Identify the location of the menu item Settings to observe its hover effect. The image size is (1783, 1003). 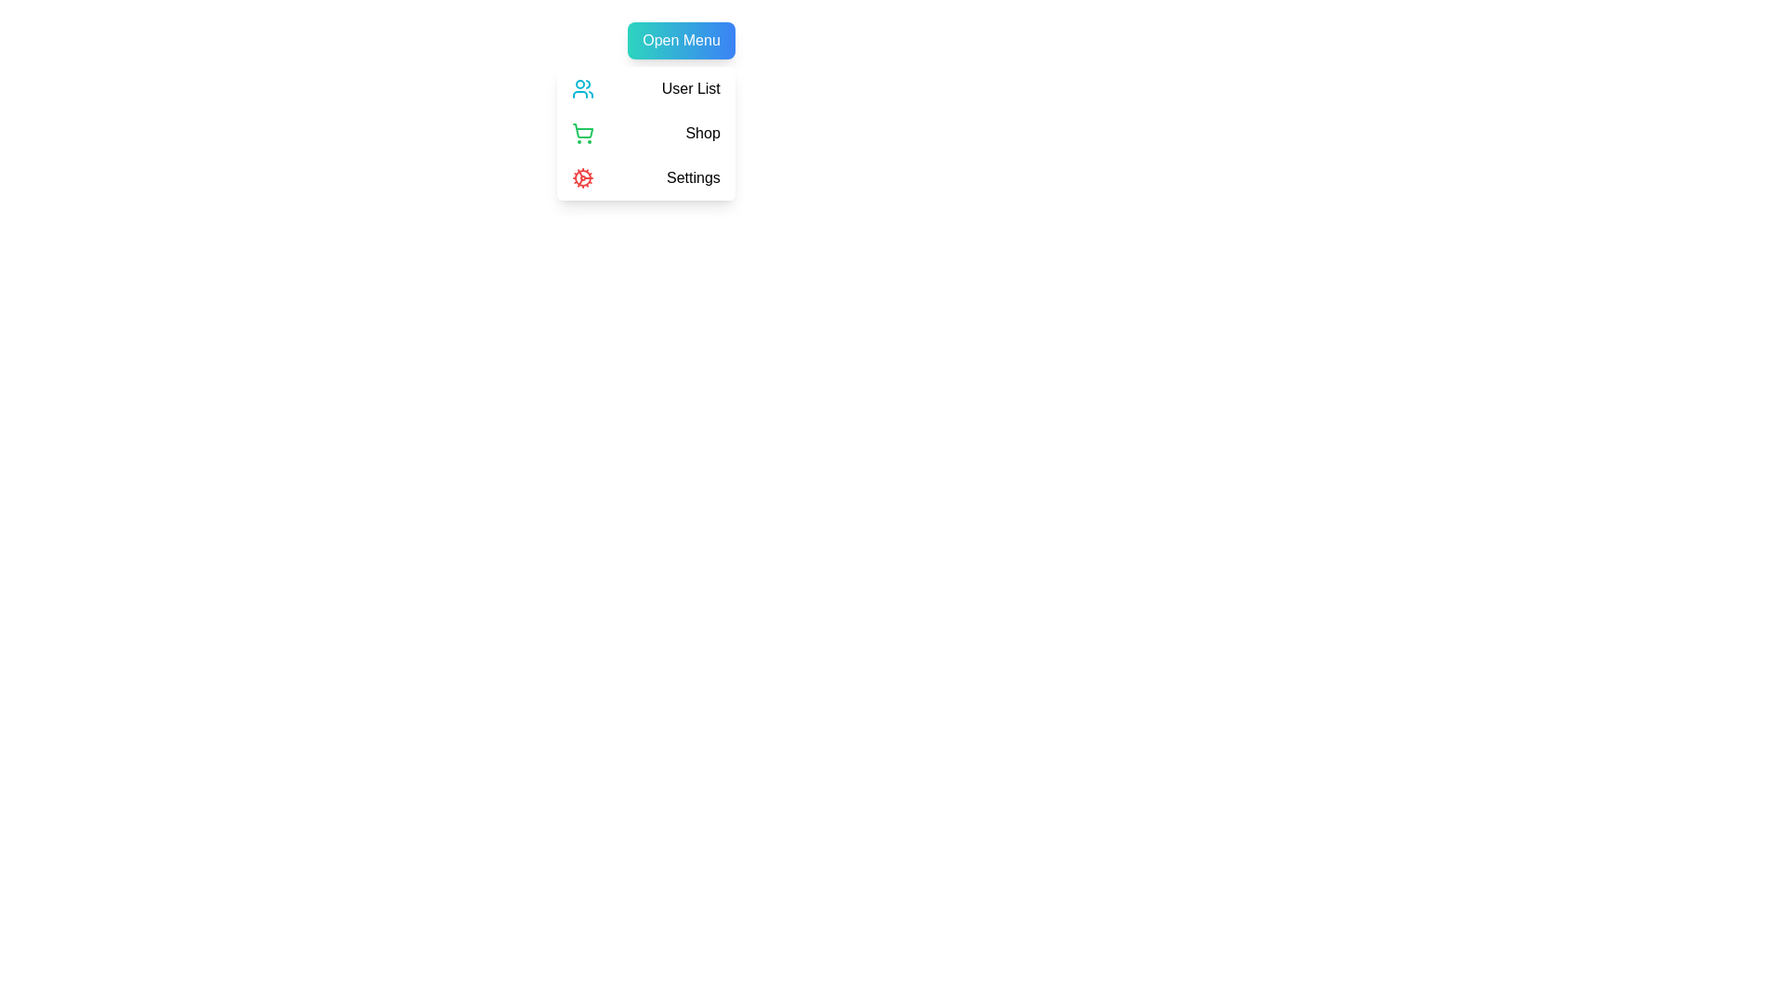
(645, 178).